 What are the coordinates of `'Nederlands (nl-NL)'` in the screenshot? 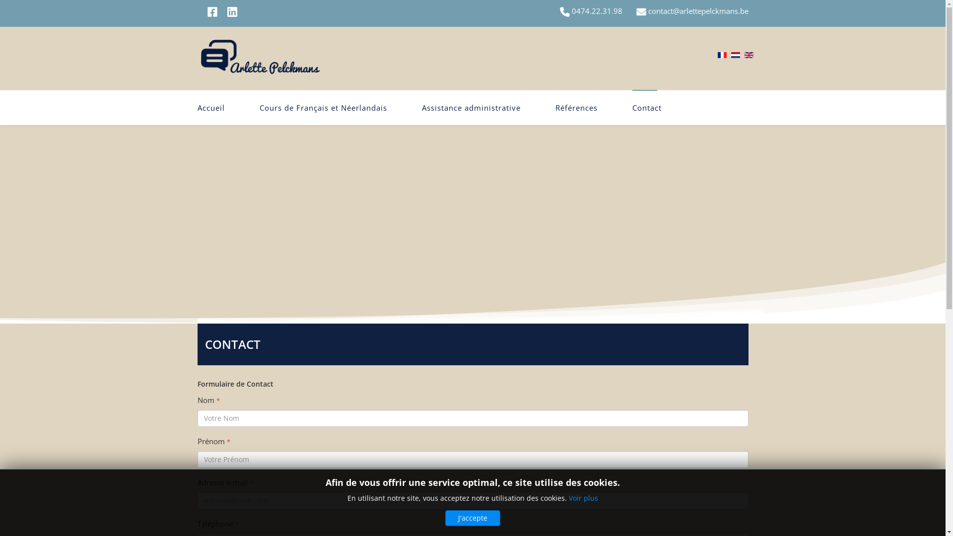 It's located at (735, 55).